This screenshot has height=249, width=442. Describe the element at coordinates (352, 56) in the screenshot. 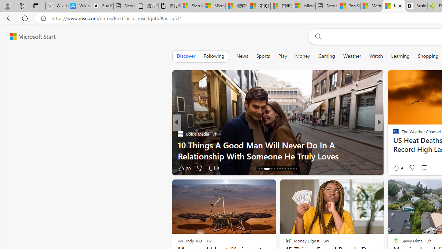

I see `'Weather'` at that location.